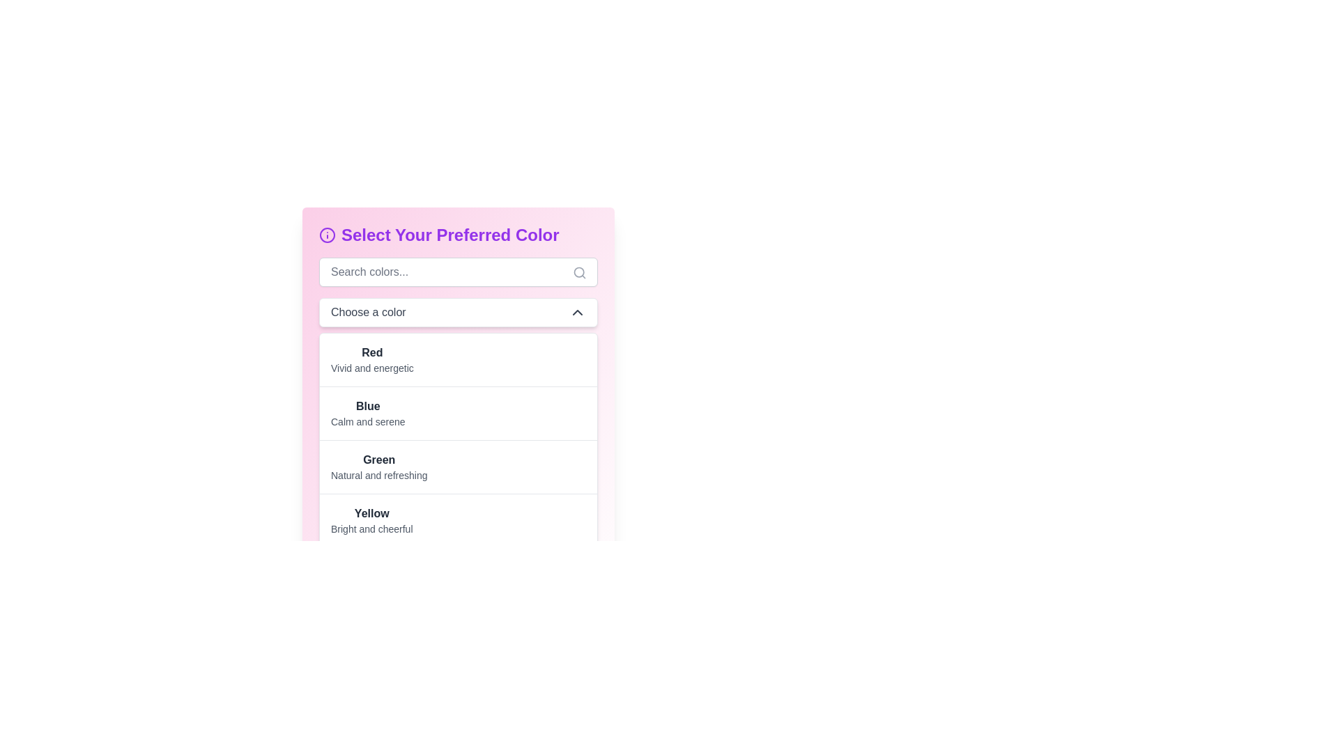  Describe the element at coordinates (458, 364) in the screenshot. I see `the selectable list item displaying the bolded text 'Red'` at that location.